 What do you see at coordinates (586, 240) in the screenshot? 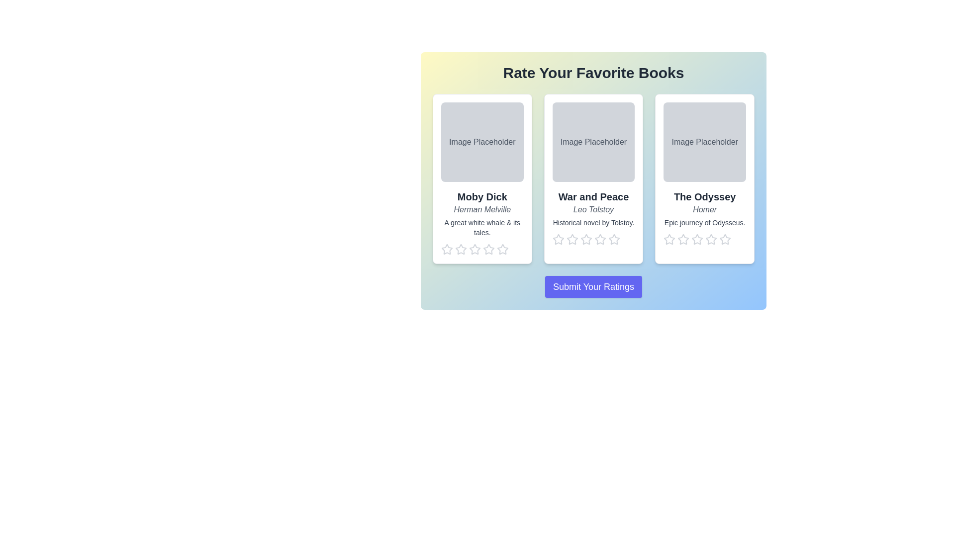
I see `the star corresponding to the rating 3 for the book War and Peace` at bounding box center [586, 240].